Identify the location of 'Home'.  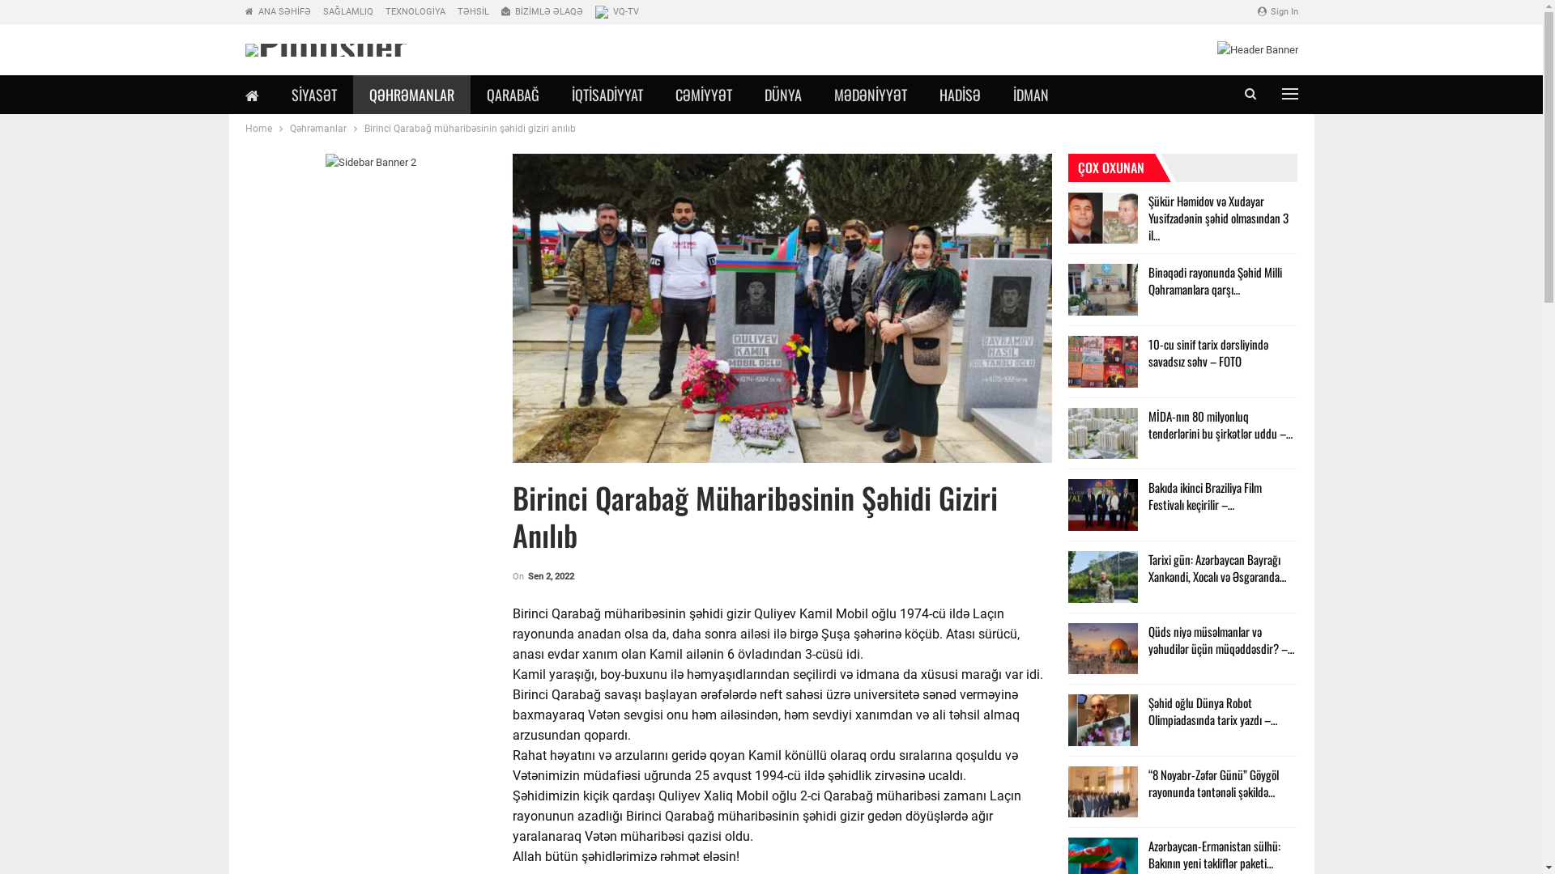
(244, 127).